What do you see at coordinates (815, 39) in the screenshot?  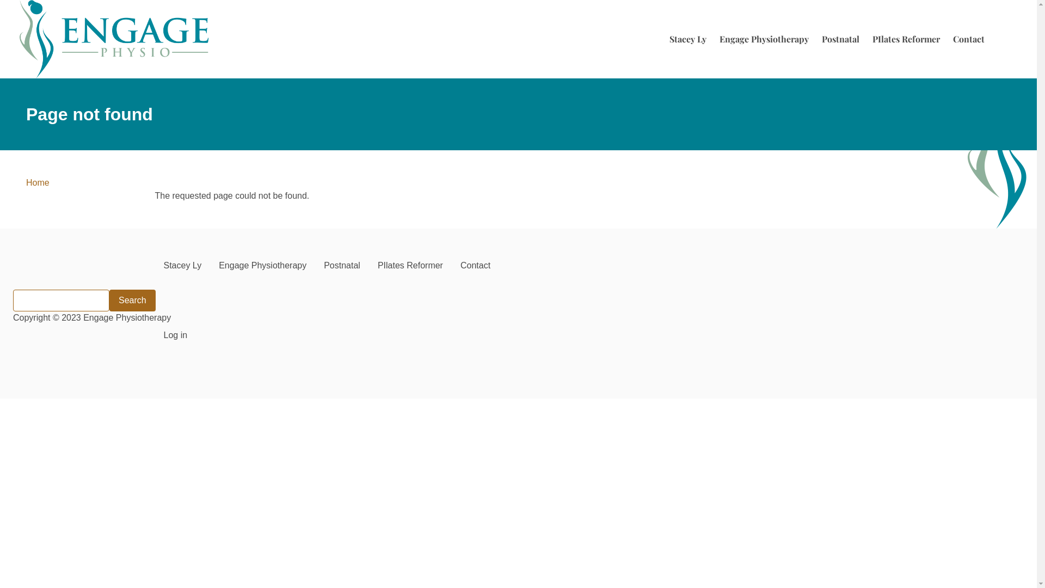 I see `'Postnatal'` at bounding box center [815, 39].